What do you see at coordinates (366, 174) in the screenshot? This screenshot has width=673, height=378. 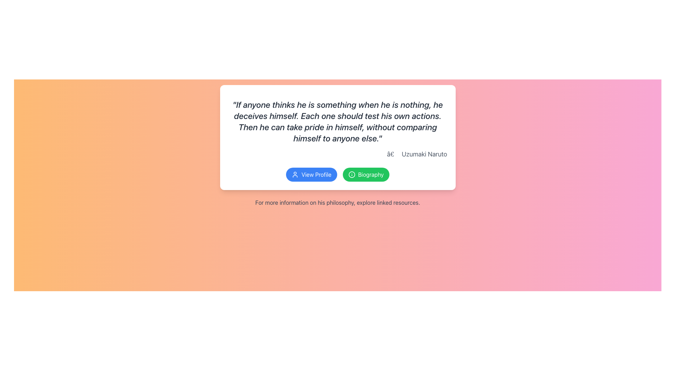 I see `the green pill-shaped button labeled 'Biography' with an information circle icon` at bounding box center [366, 174].